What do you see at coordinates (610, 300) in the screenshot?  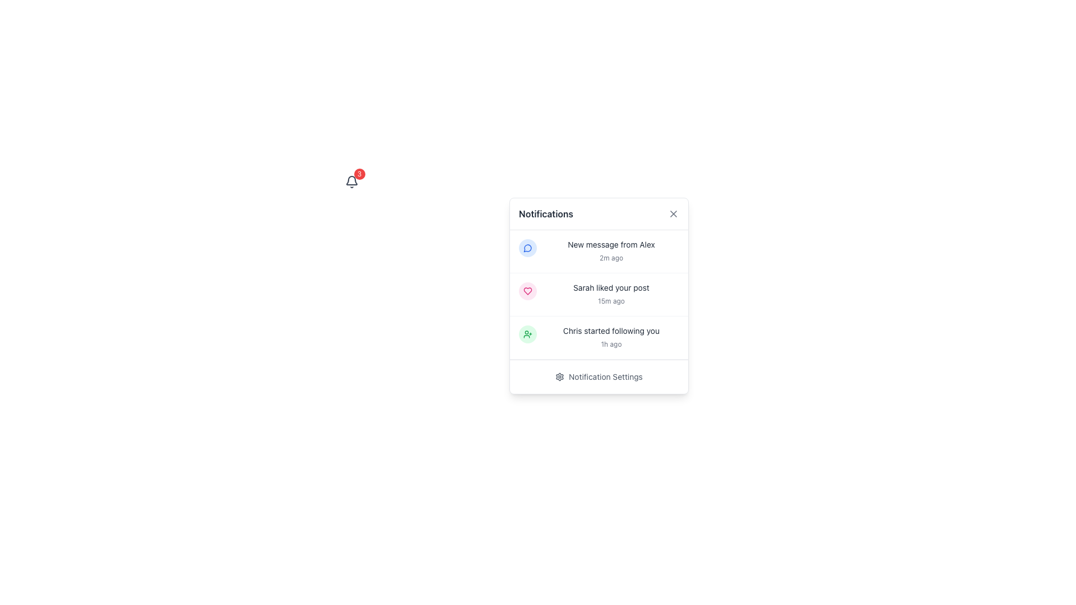 I see `displayed text from the time elapsed label located below 'Sarah liked your post' in the notification panel` at bounding box center [610, 300].